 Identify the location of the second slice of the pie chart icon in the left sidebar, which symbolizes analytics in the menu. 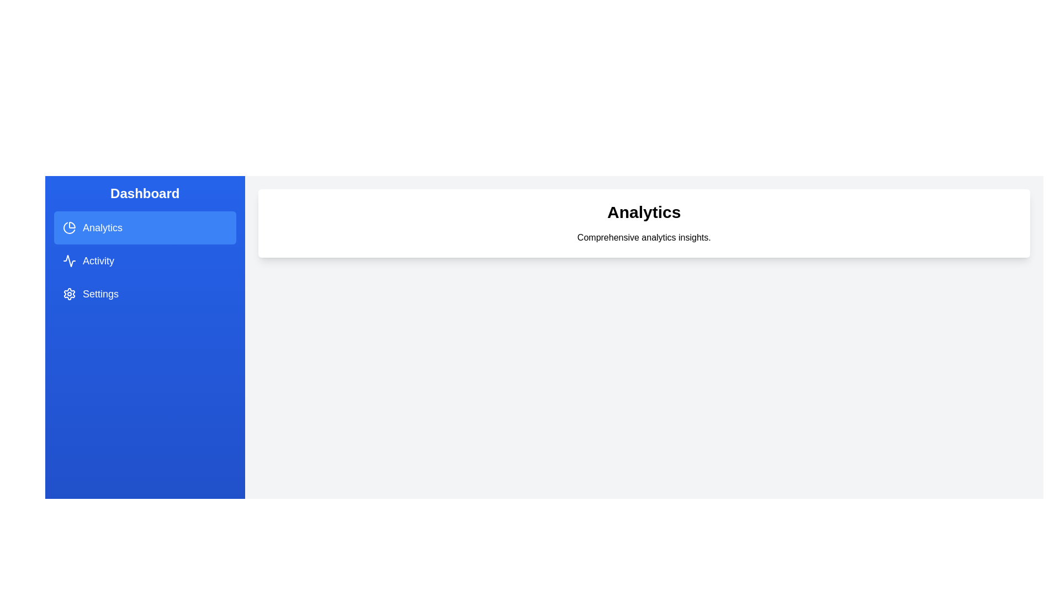
(68, 227).